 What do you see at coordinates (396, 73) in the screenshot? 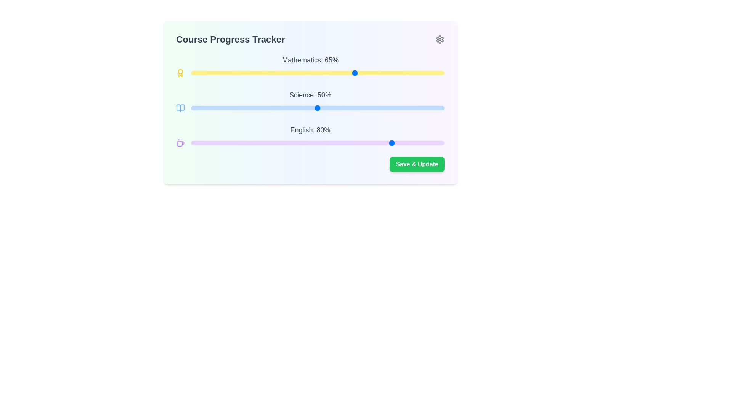
I see `the progress of Mathematics` at bounding box center [396, 73].